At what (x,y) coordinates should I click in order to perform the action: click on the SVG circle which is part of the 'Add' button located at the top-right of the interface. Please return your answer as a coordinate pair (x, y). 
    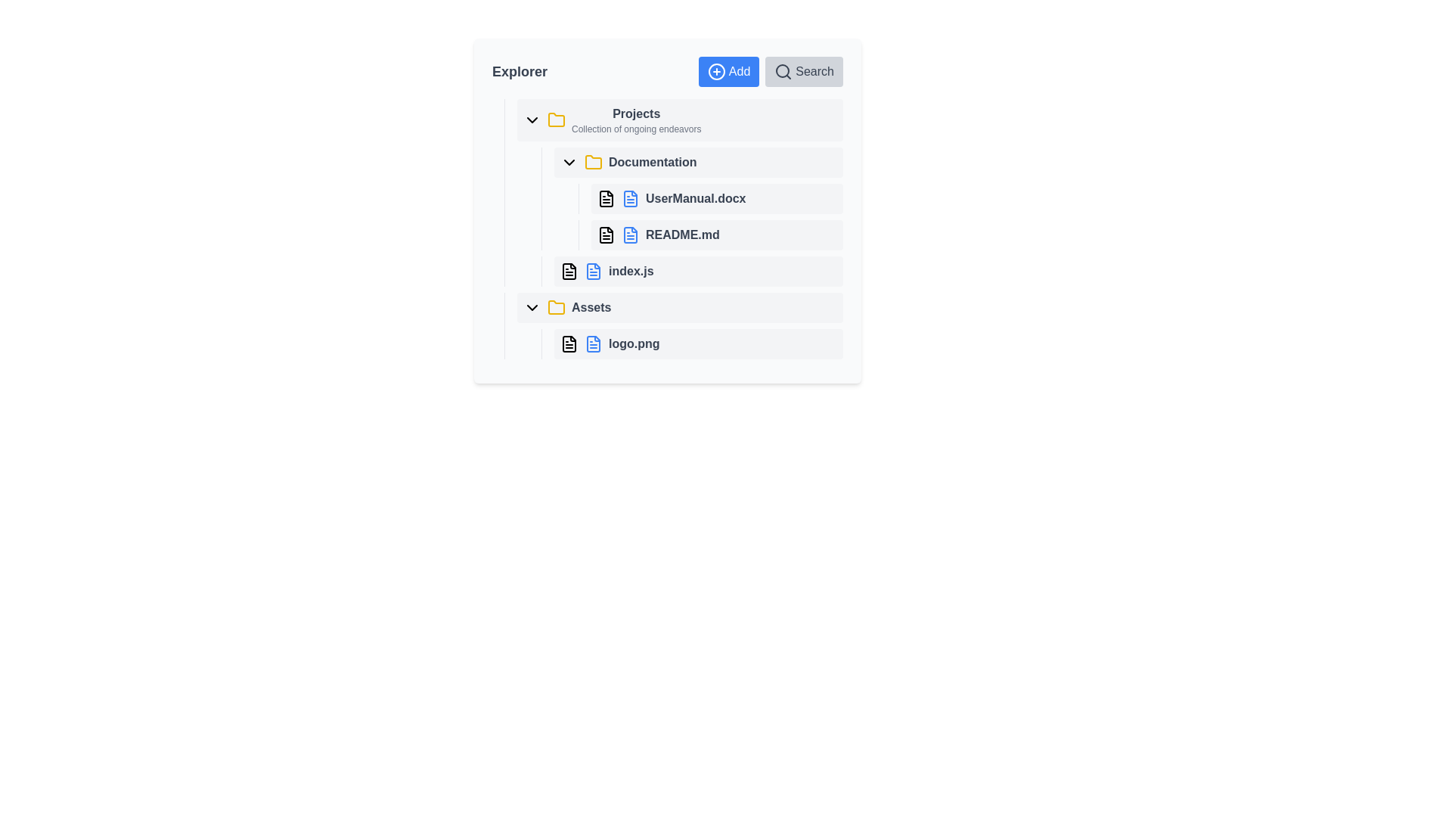
    Looking at the image, I should click on (715, 72).